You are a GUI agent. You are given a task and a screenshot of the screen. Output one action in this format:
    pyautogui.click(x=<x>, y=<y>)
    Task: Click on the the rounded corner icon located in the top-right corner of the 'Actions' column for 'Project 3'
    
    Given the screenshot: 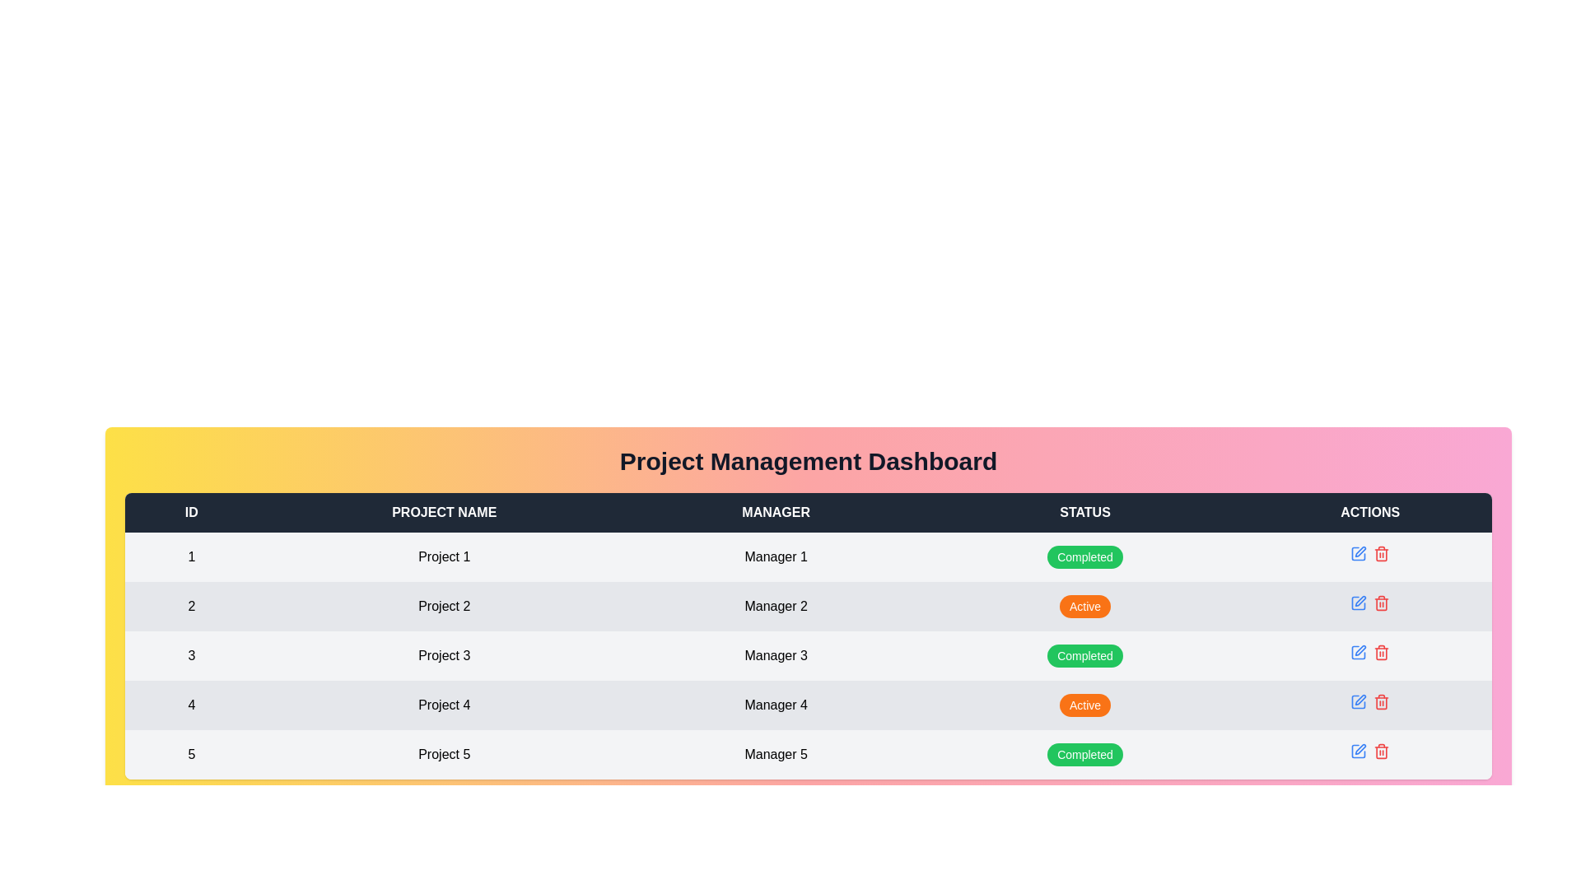 What is the action you would take?
    pyautogui.click(x=1359, y=553)
    